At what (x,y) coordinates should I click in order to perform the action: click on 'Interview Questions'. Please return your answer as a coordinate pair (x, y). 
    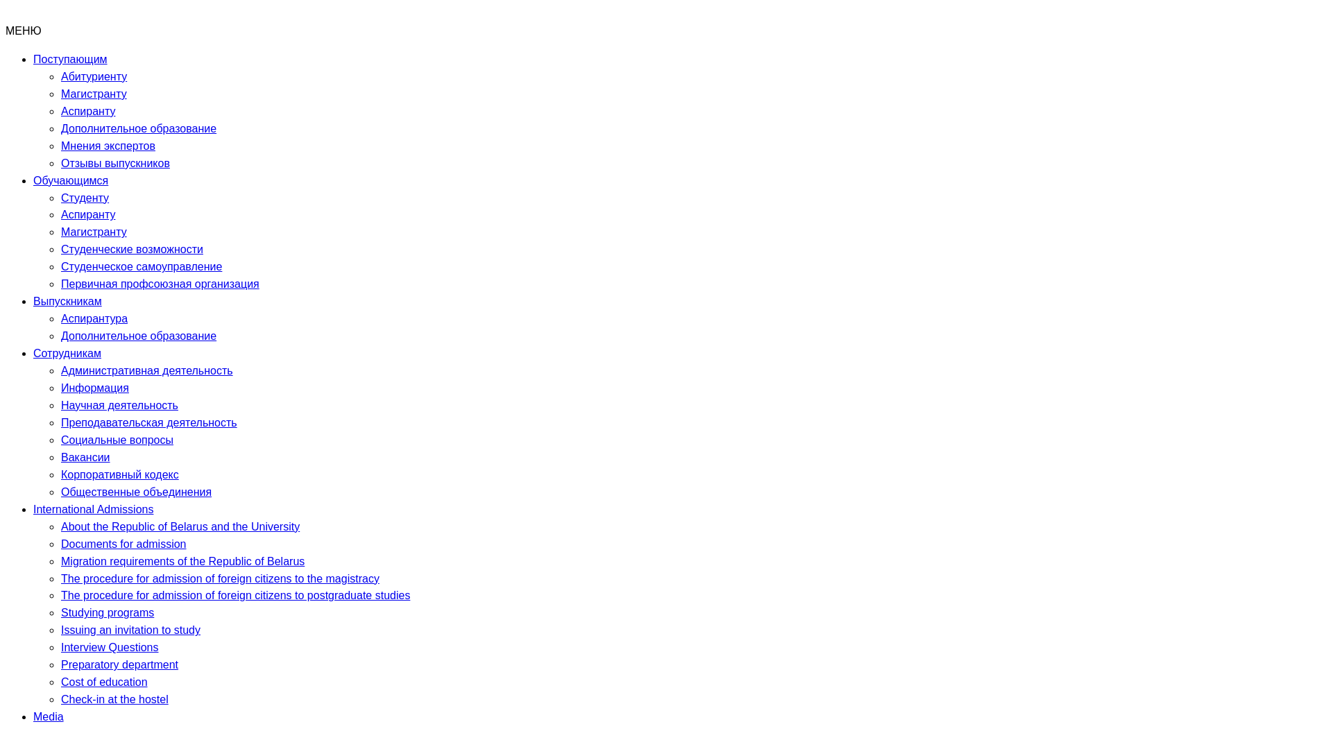
    Looking at the image, I should click on (109, 647).